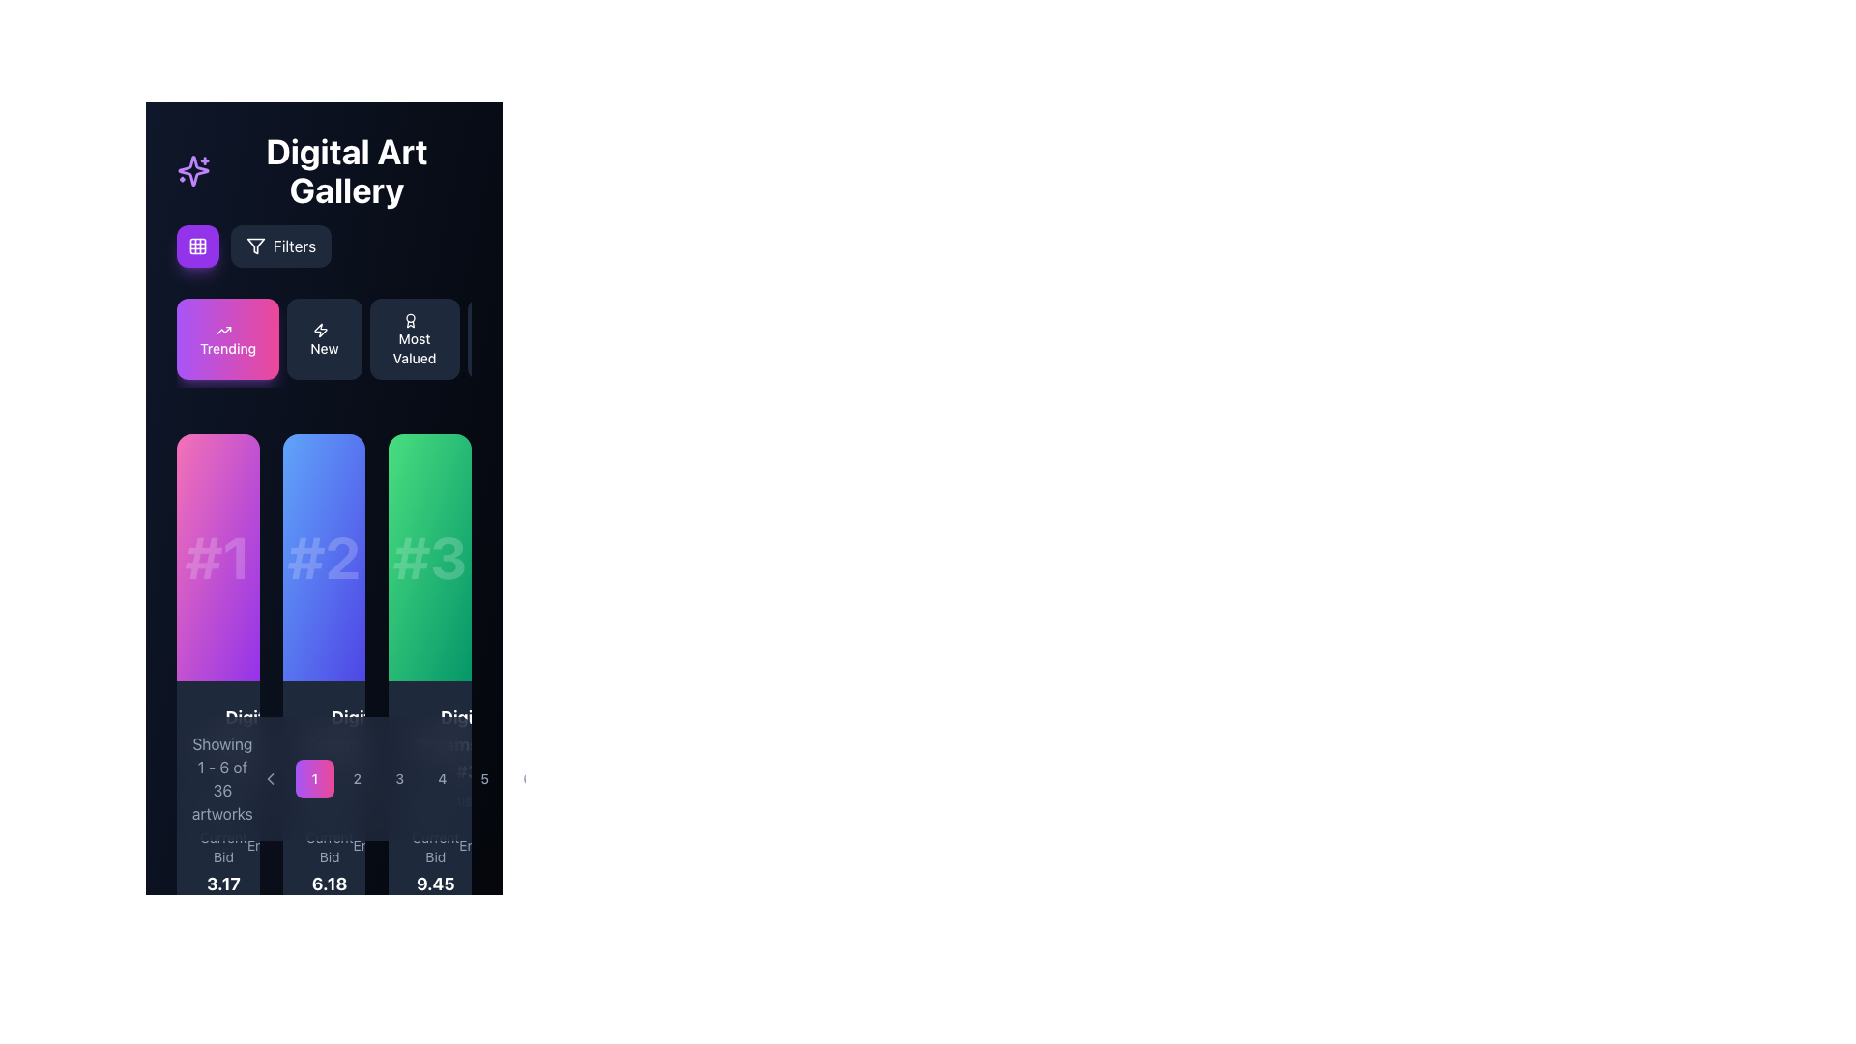 The height and width of the screenshot is (1044, 1856). I want to click on the rightward arrow button located on the right side of the pagination interface, so click(570, 778).